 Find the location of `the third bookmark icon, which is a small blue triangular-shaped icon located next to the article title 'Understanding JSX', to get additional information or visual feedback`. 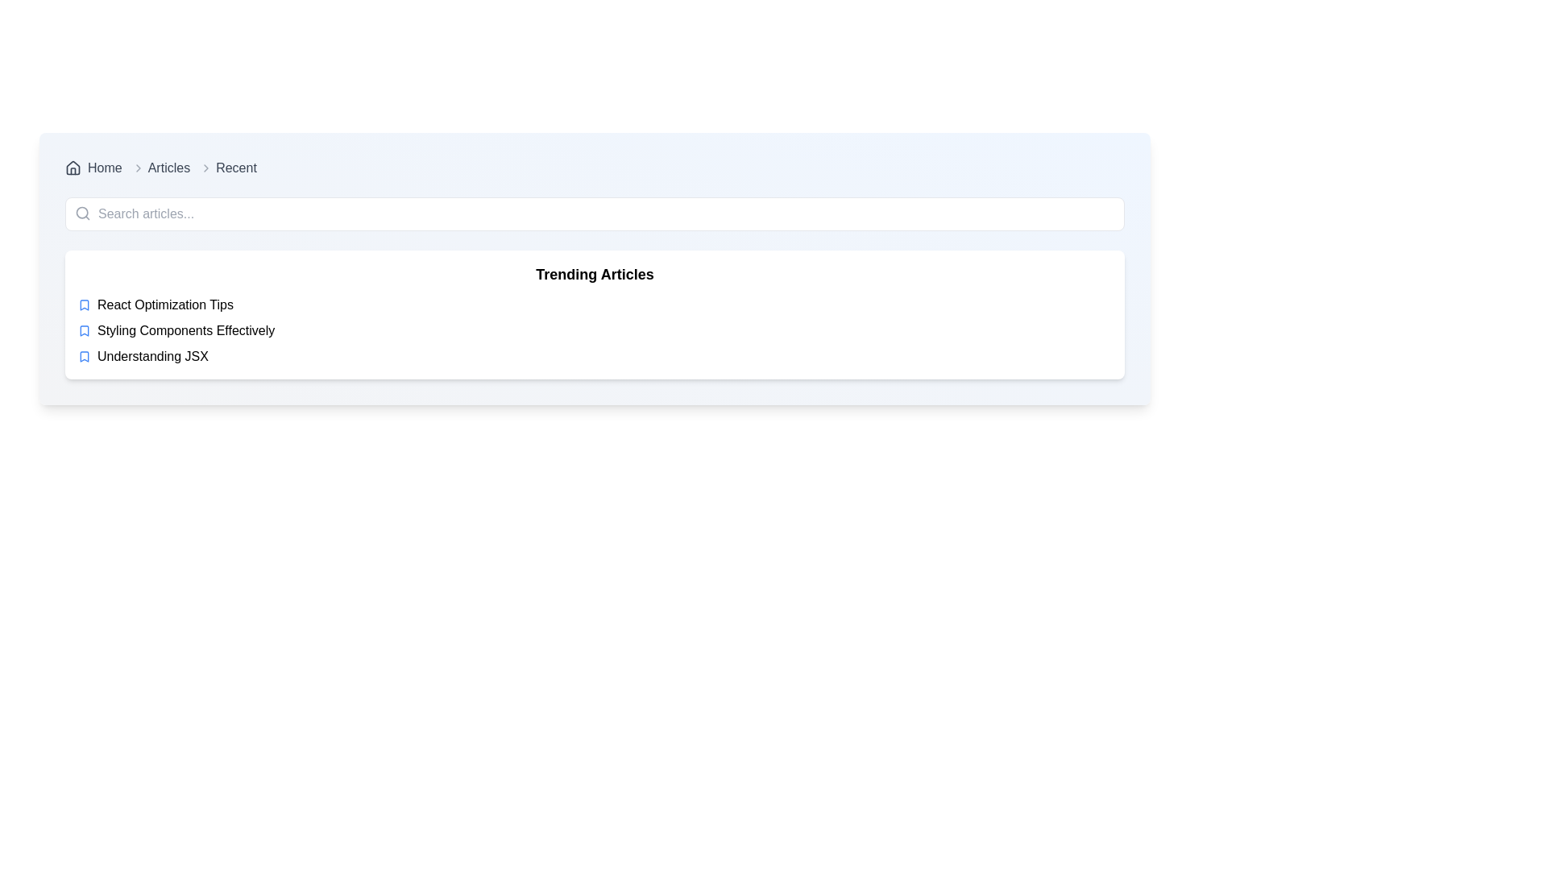

the third bookmark icon, which is a small blue triangular-shaped icon located next to the article title 'Understanding JSX', to get additional information or visual feedback is located at coordinates (84, 356).